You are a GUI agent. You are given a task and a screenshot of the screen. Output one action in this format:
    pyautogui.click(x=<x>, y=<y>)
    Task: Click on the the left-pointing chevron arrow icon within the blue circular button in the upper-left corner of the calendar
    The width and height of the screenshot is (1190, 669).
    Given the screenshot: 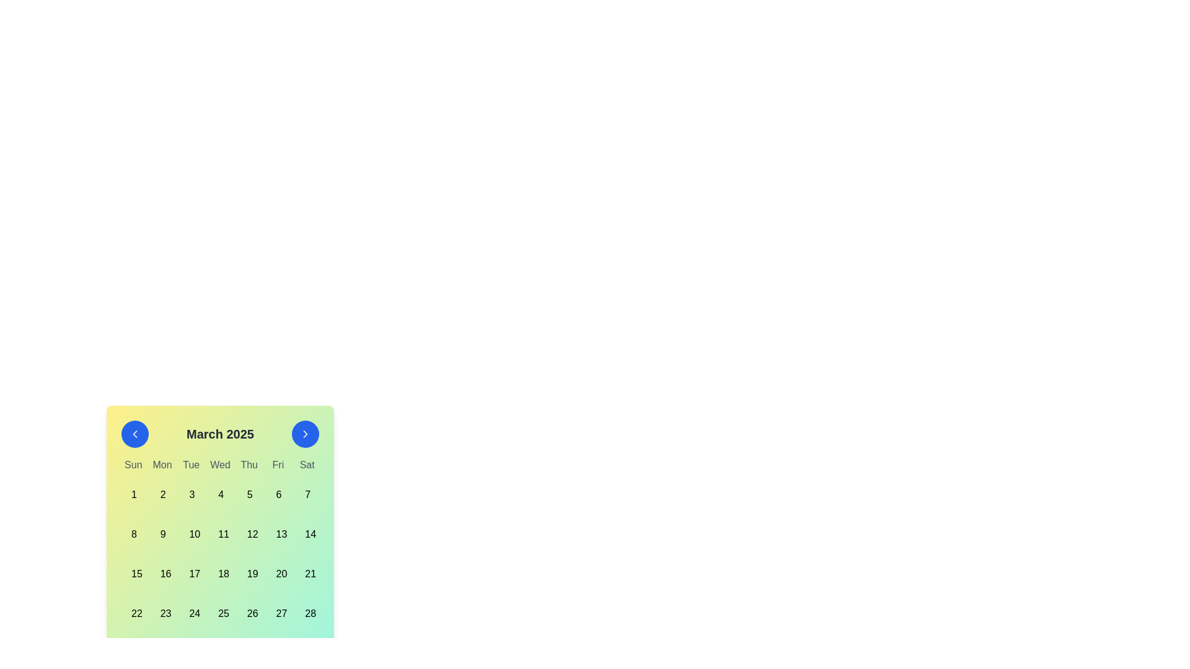 What is the action you would take?
    pyautogui.click(x=134, y=434)
    